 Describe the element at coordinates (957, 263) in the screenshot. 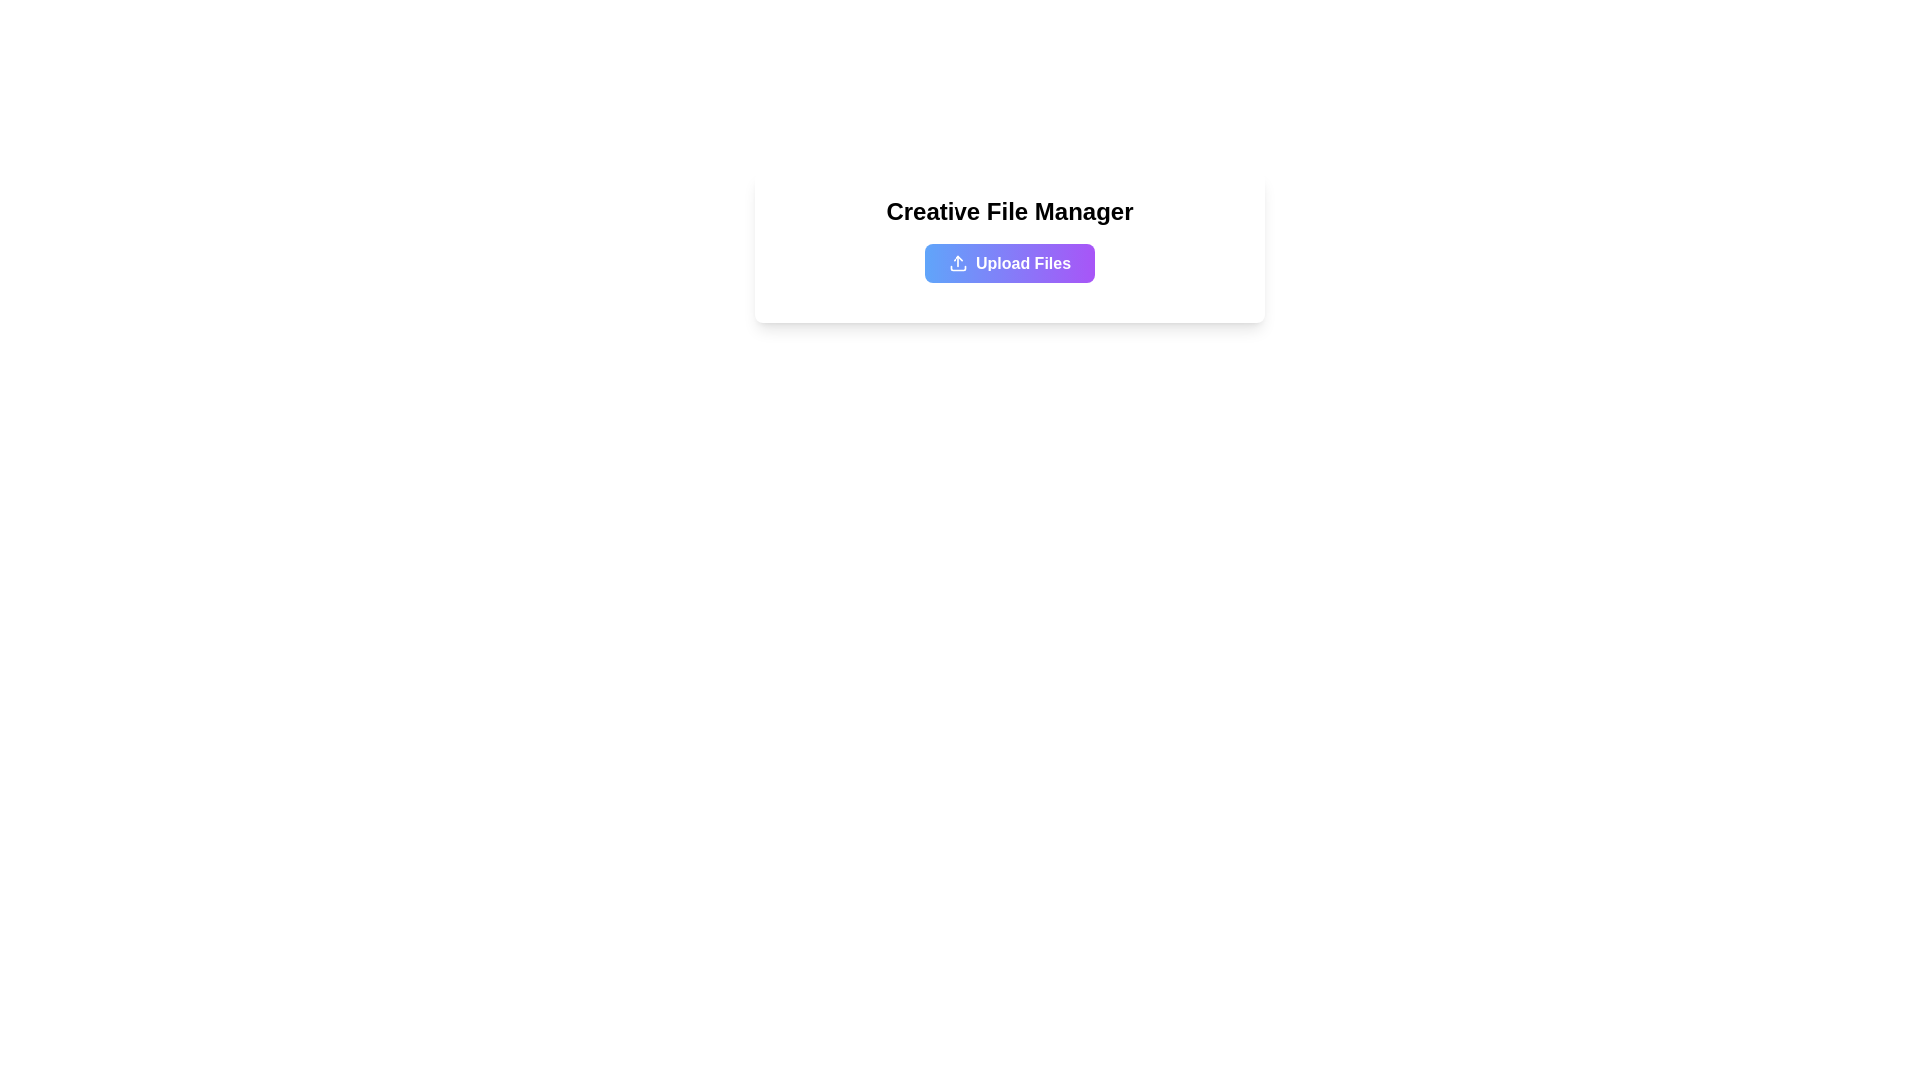

I see `the upload icon, which is an SVG graphic resembling an upward-pointing arrow in a blue circle, located to the left of the 'Upload Files' button` at that location.